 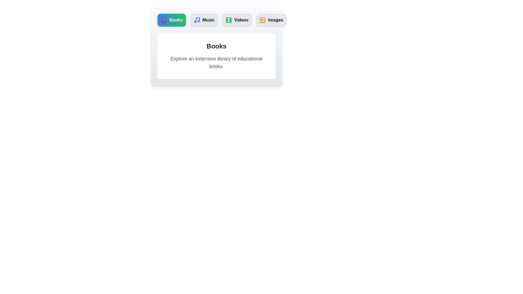 I want to click on the Images tab to view its content, so click(x=271, y=20).